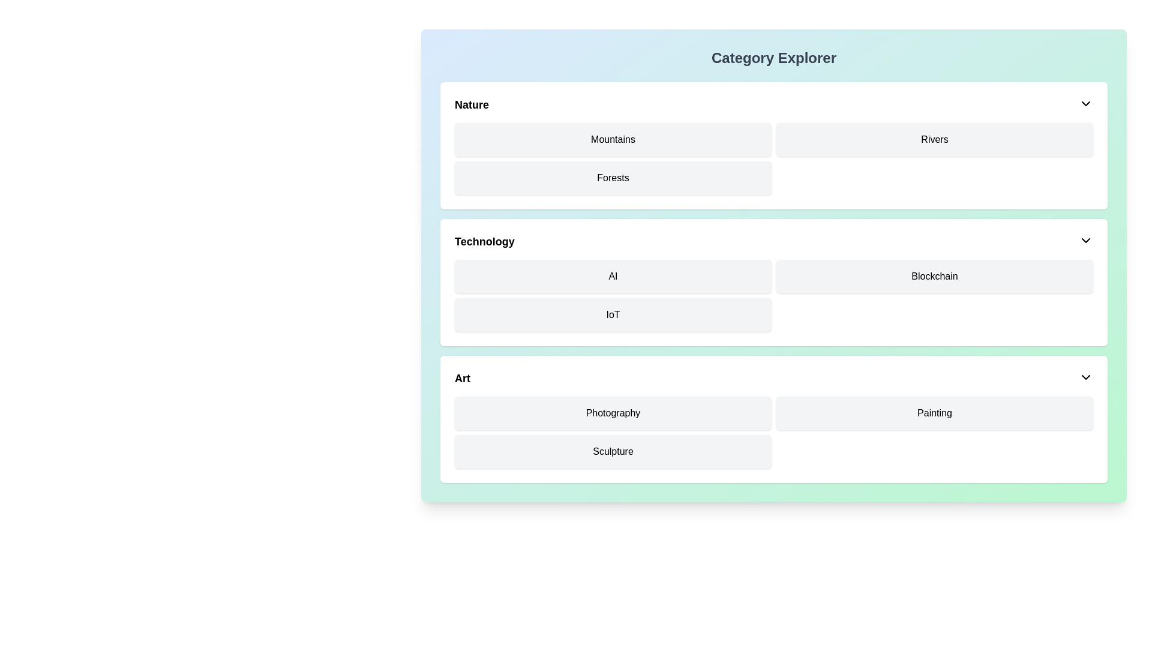 This screenshot has width=1152, height=648. What do you see at coordinates (613, 178) in the screenshot?
I see `the 'Forests' text label or button, which is styled with bold, black font on a light gray rectangle with rounded corners, located in the second row under the 'Nature' section of the grid layout` at bounding box center [613, 178].